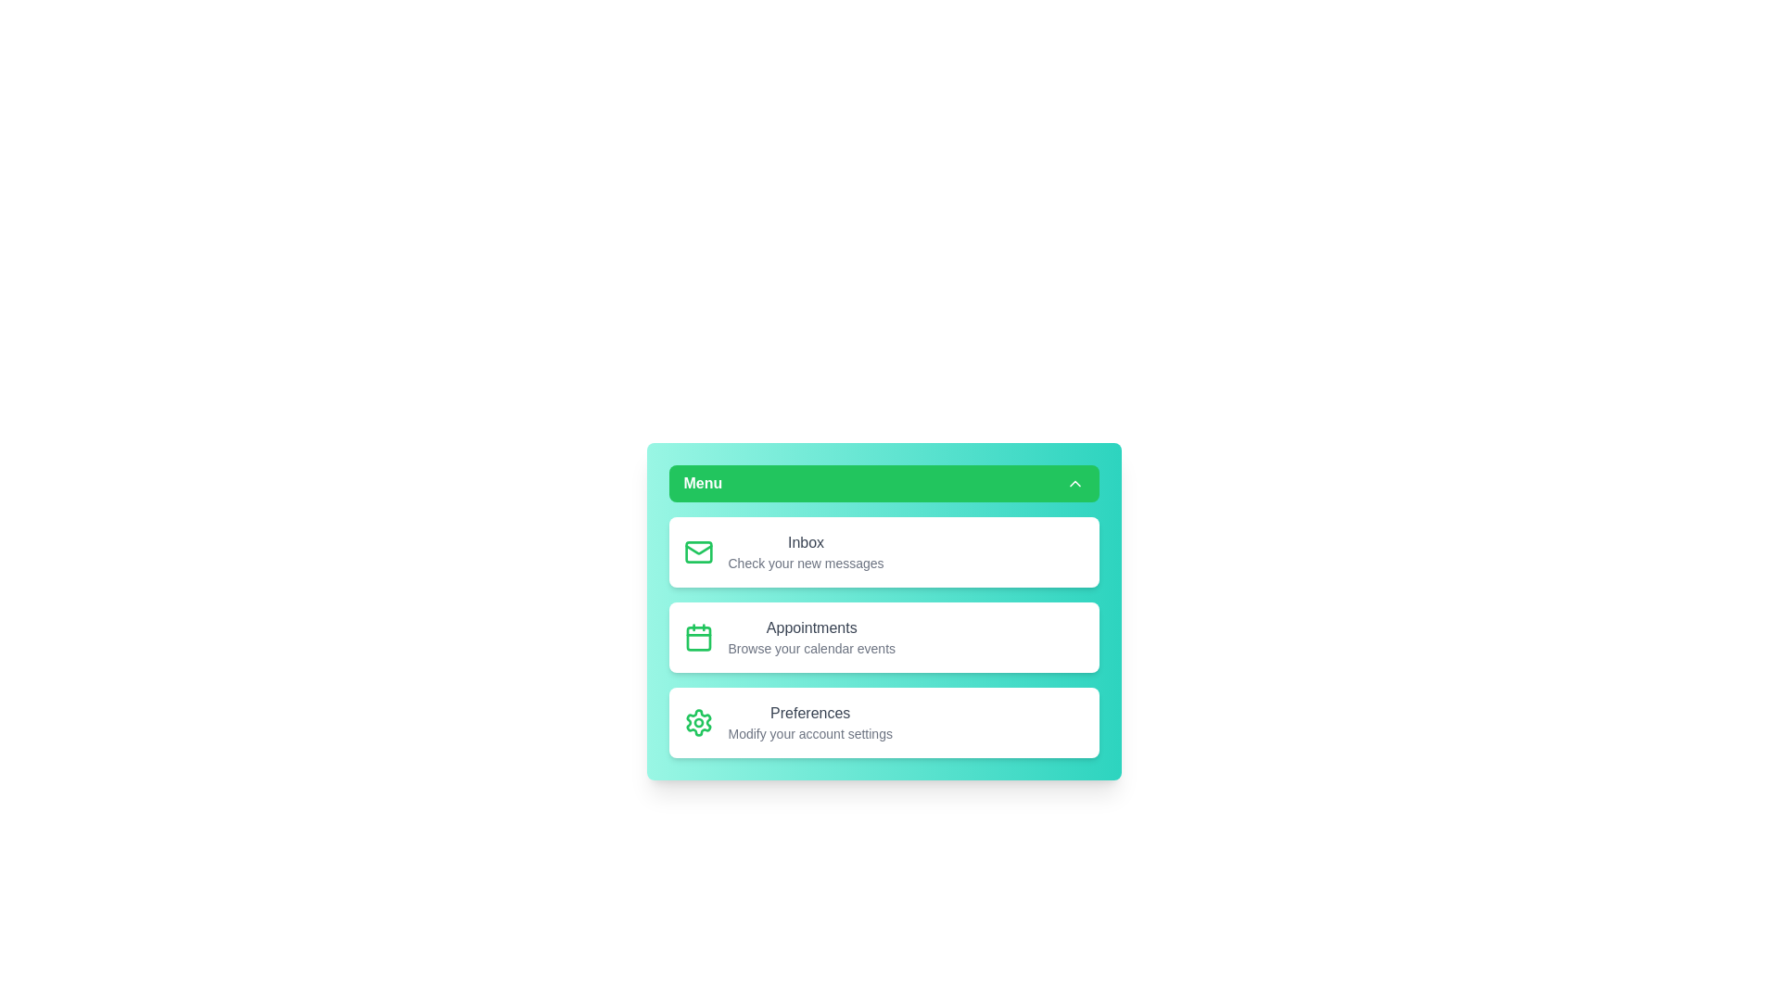 Image resolution: width=1780 pixels, height=1001 pixels. Describe the element at coordinates (883, 721) in the screenshot. I see `the 'Preferences' option in the UserProfileMenu` at that location.